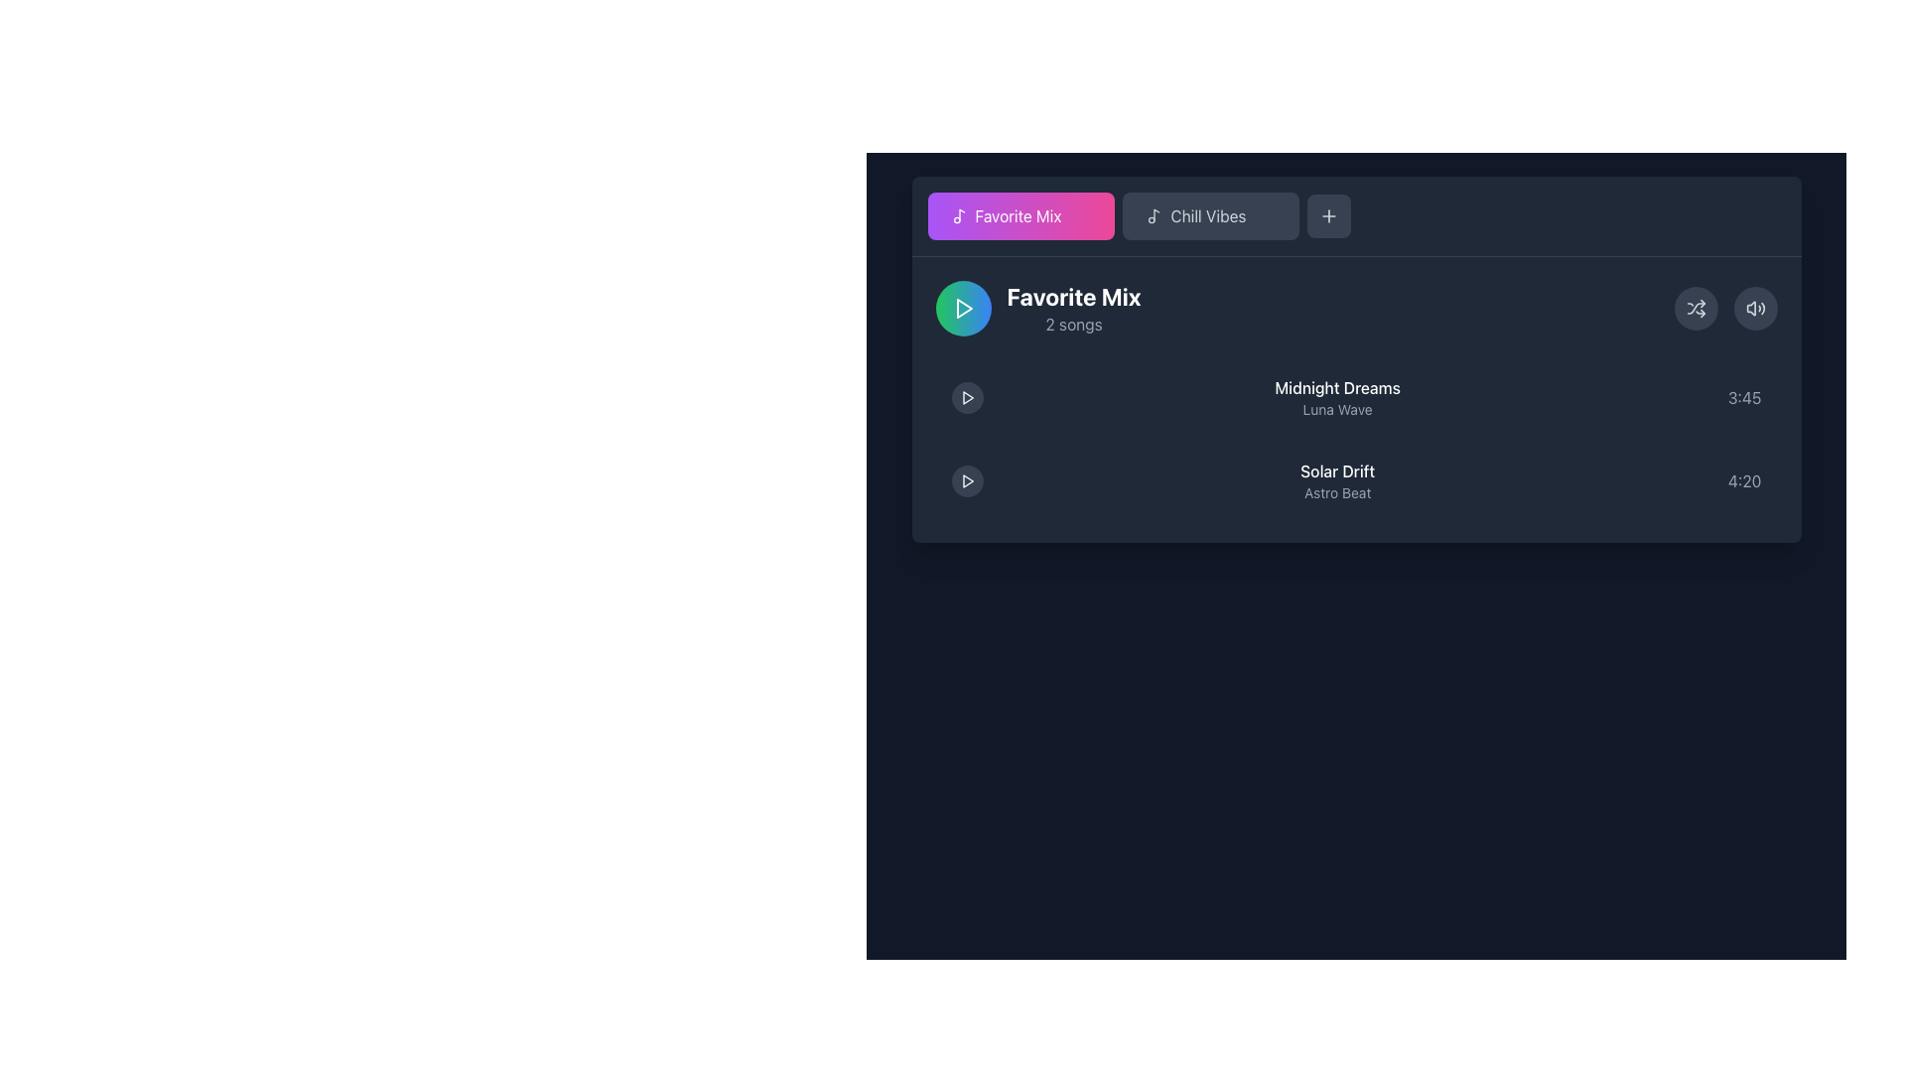  Describe the element at coordinates (963, 309) in the screenshot. I see `the circular button with a gradient background and a white play icon in the 'Favorite Mix 2 songs' section` at that location.